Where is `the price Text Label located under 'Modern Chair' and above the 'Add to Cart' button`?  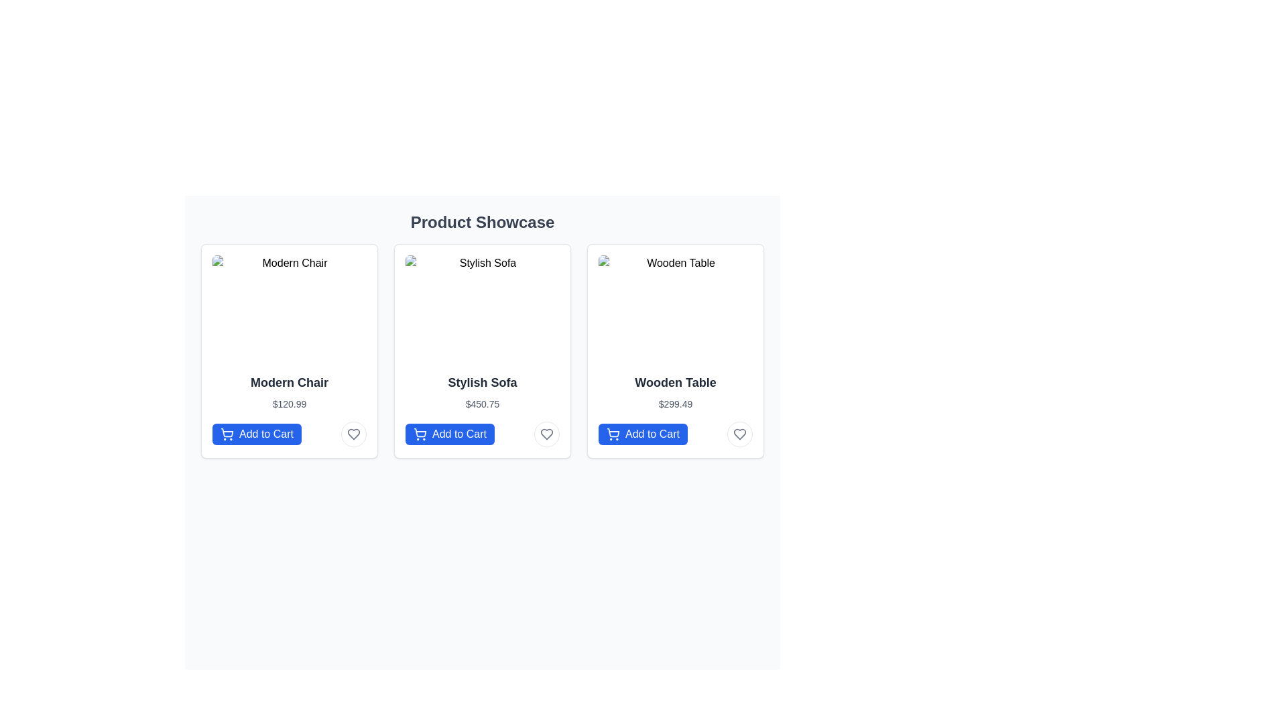
the price Text Label located under 'Modern Chair' and above the 'Add to Cart' button is located at coordinates (289, 403).